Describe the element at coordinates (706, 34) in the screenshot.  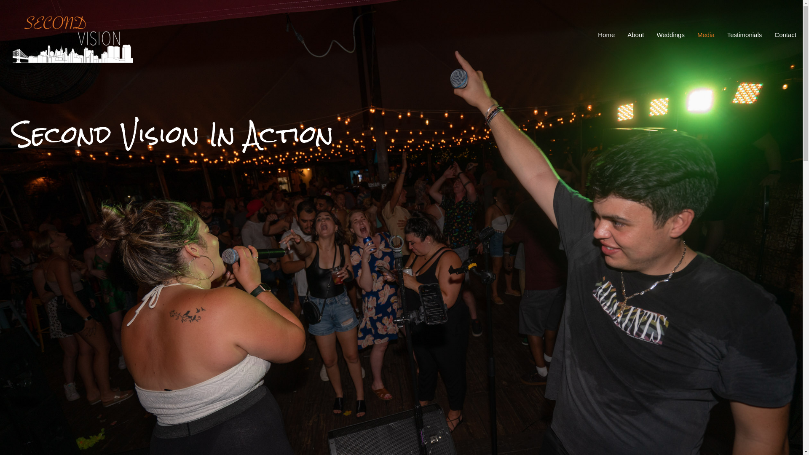
I see `'Media'` at that location.